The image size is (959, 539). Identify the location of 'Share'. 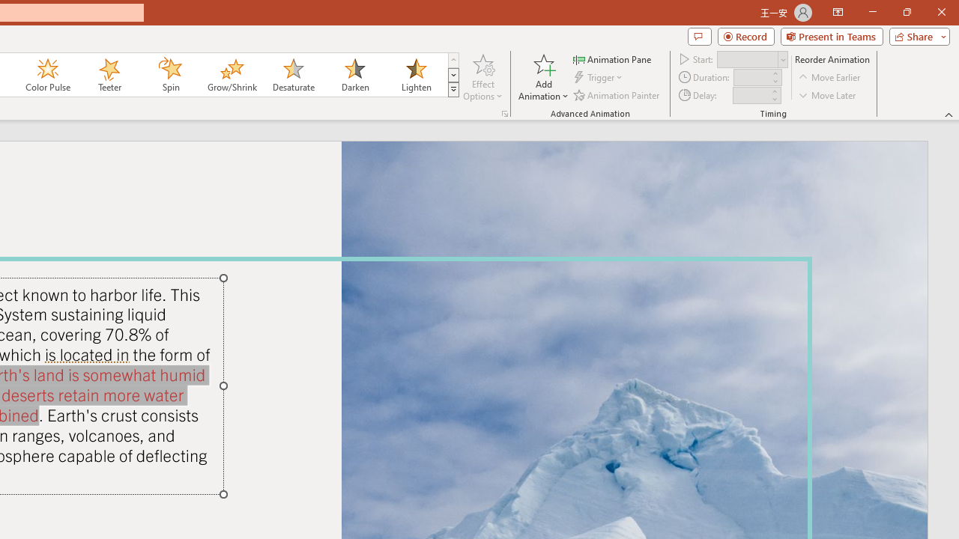
(916, 35).